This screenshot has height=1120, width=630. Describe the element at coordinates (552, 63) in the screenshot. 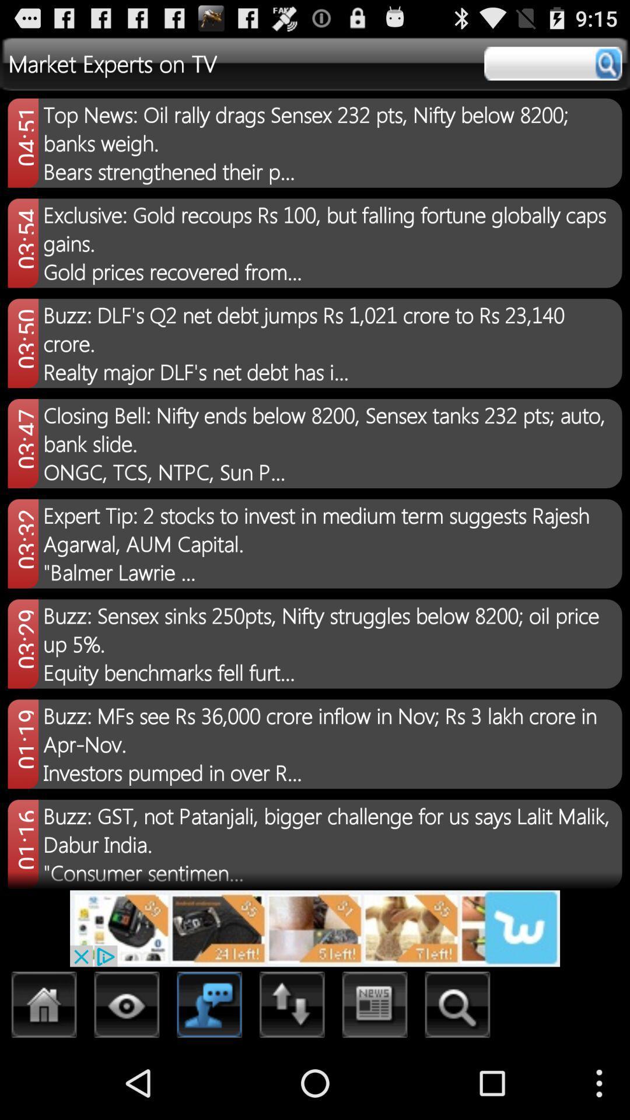

I see `search` at that location.